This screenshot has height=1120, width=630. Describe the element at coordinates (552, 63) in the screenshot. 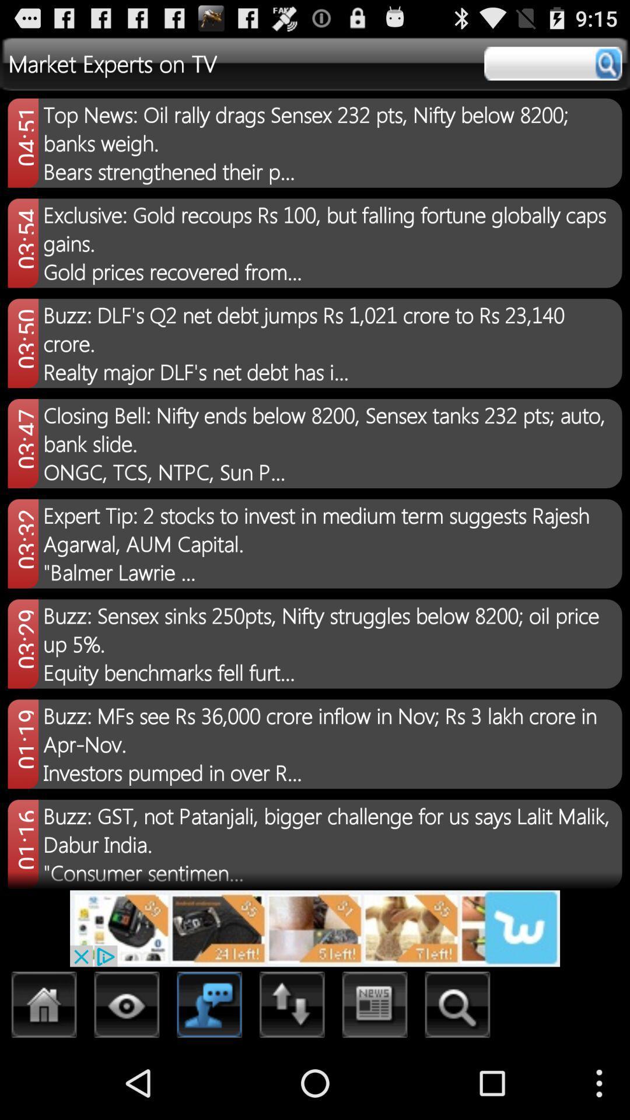

I see `search` at that location.